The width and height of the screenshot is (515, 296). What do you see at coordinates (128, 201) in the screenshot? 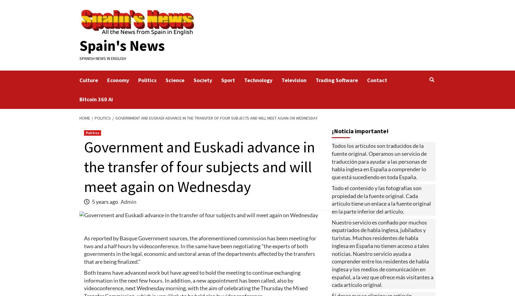
I see `'Admin'` at bounding box center [128, 201].